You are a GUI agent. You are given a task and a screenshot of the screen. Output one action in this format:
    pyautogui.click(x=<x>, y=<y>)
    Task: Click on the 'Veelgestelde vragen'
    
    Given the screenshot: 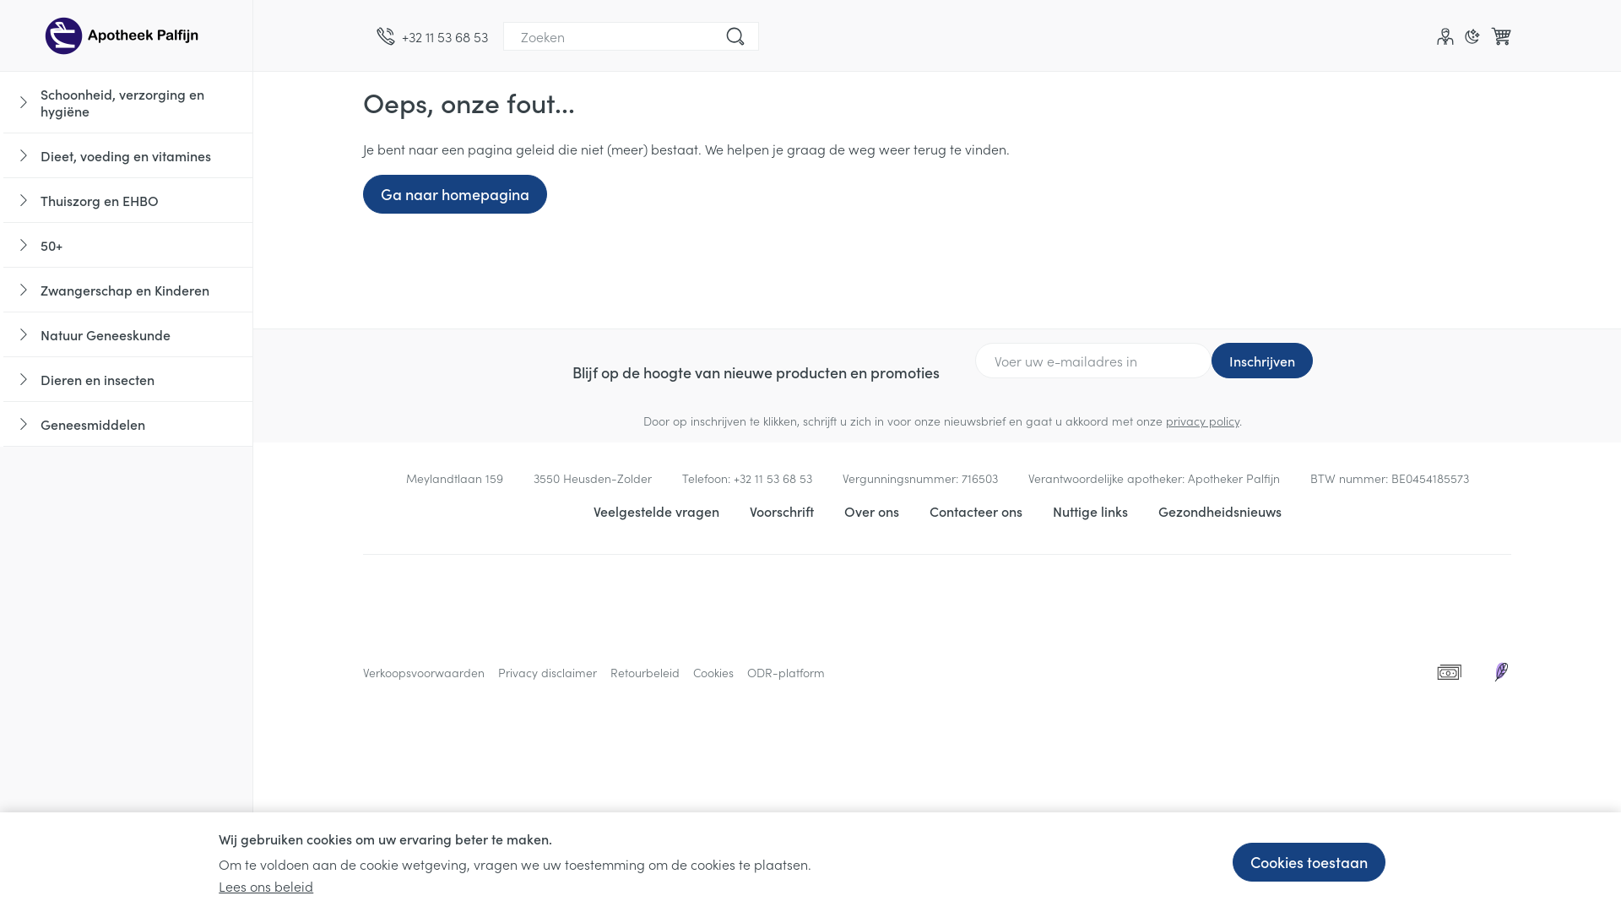 What is the action you would take?
    pyautogui.click(x=592, y=510)
    